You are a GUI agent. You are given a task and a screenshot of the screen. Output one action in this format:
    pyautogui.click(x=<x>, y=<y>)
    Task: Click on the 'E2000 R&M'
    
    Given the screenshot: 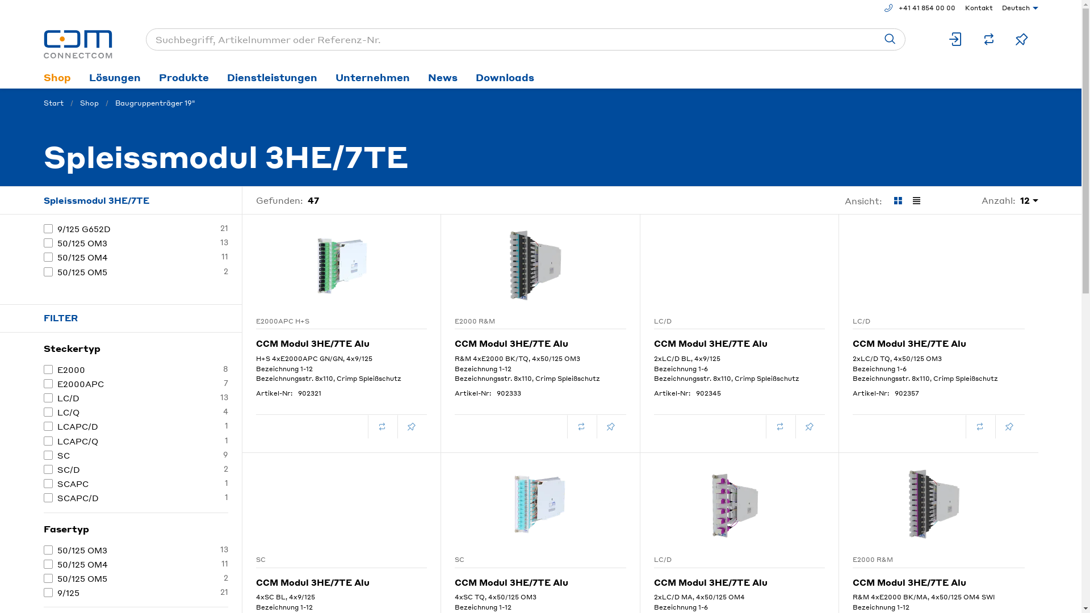 What is the action you would take?
    pyautogui.click(x=525, y=321)
    